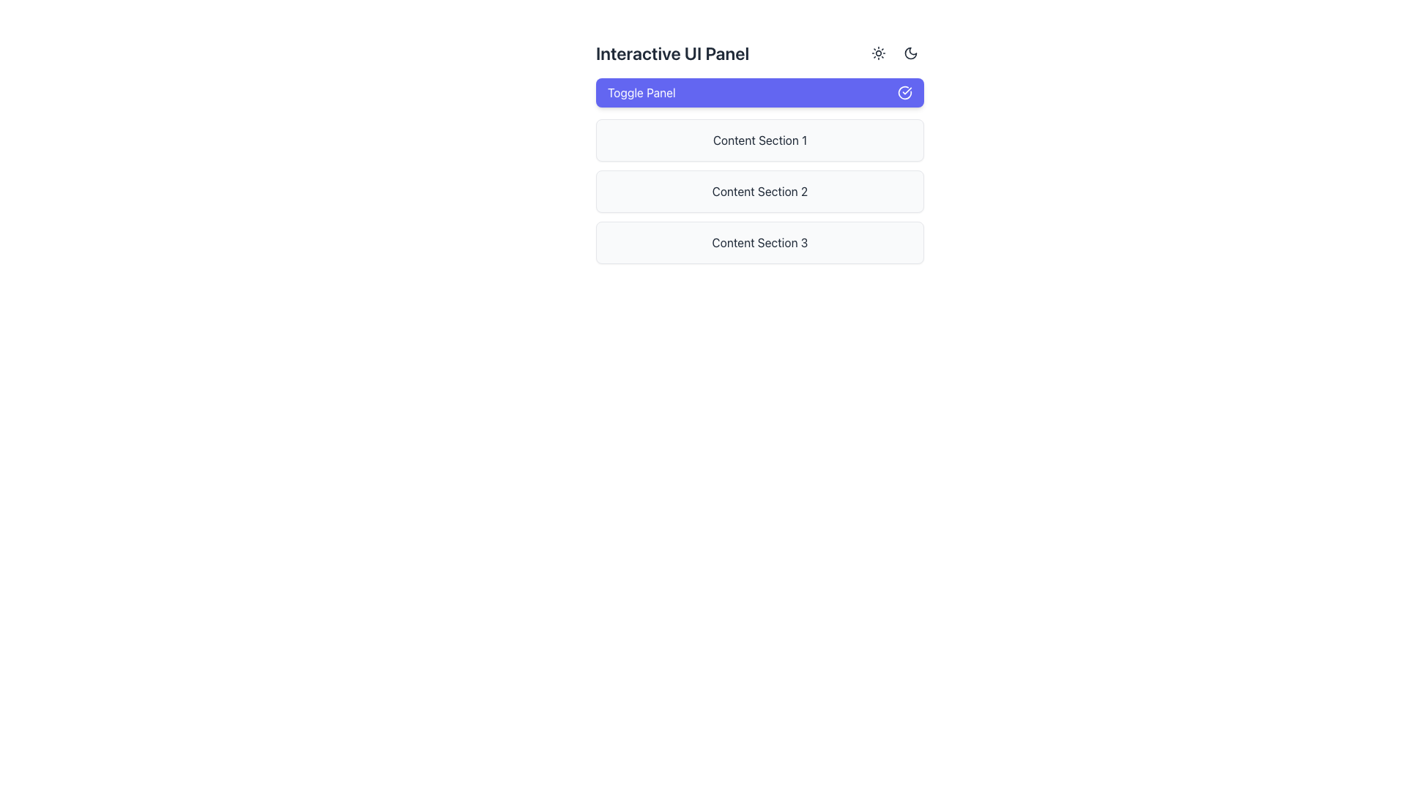 This screenshot has width=1406, height=790. I want to click on the light mode toggle icon located in the upper-right section of the interface, adjacent to the title 'Interactive UI Panel', to switch the UI's theme, so click(879, 53).